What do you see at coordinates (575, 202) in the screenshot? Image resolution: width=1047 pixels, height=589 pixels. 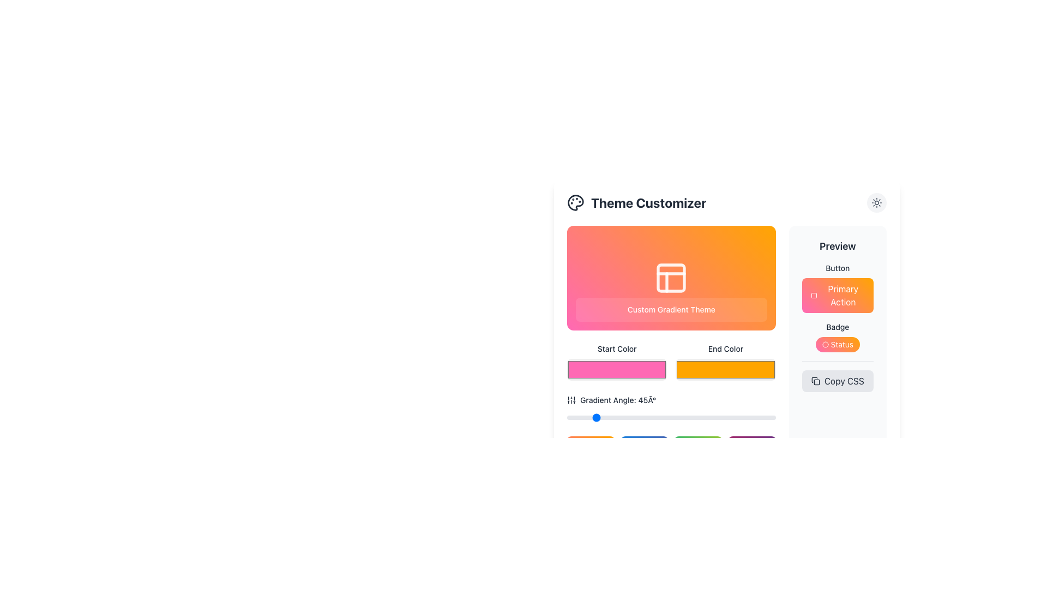 I see `the icon indicating the theme customization section, which is positioned to the left of the text 'Theme Customizer' in the header of the 'Theme Customizer' section` at bounding box center [575, 202].